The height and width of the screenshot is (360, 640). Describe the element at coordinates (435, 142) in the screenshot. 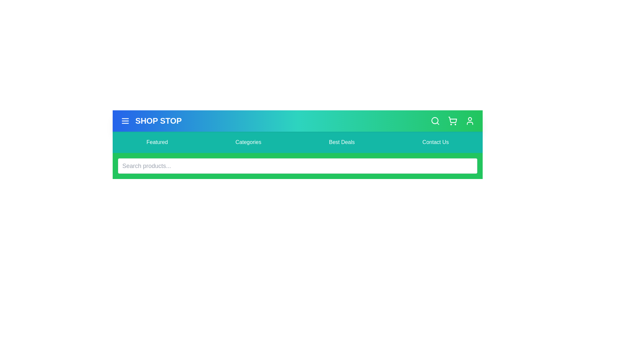

I see `the menu item labeled Contact Us in the navigation bar` at that location.